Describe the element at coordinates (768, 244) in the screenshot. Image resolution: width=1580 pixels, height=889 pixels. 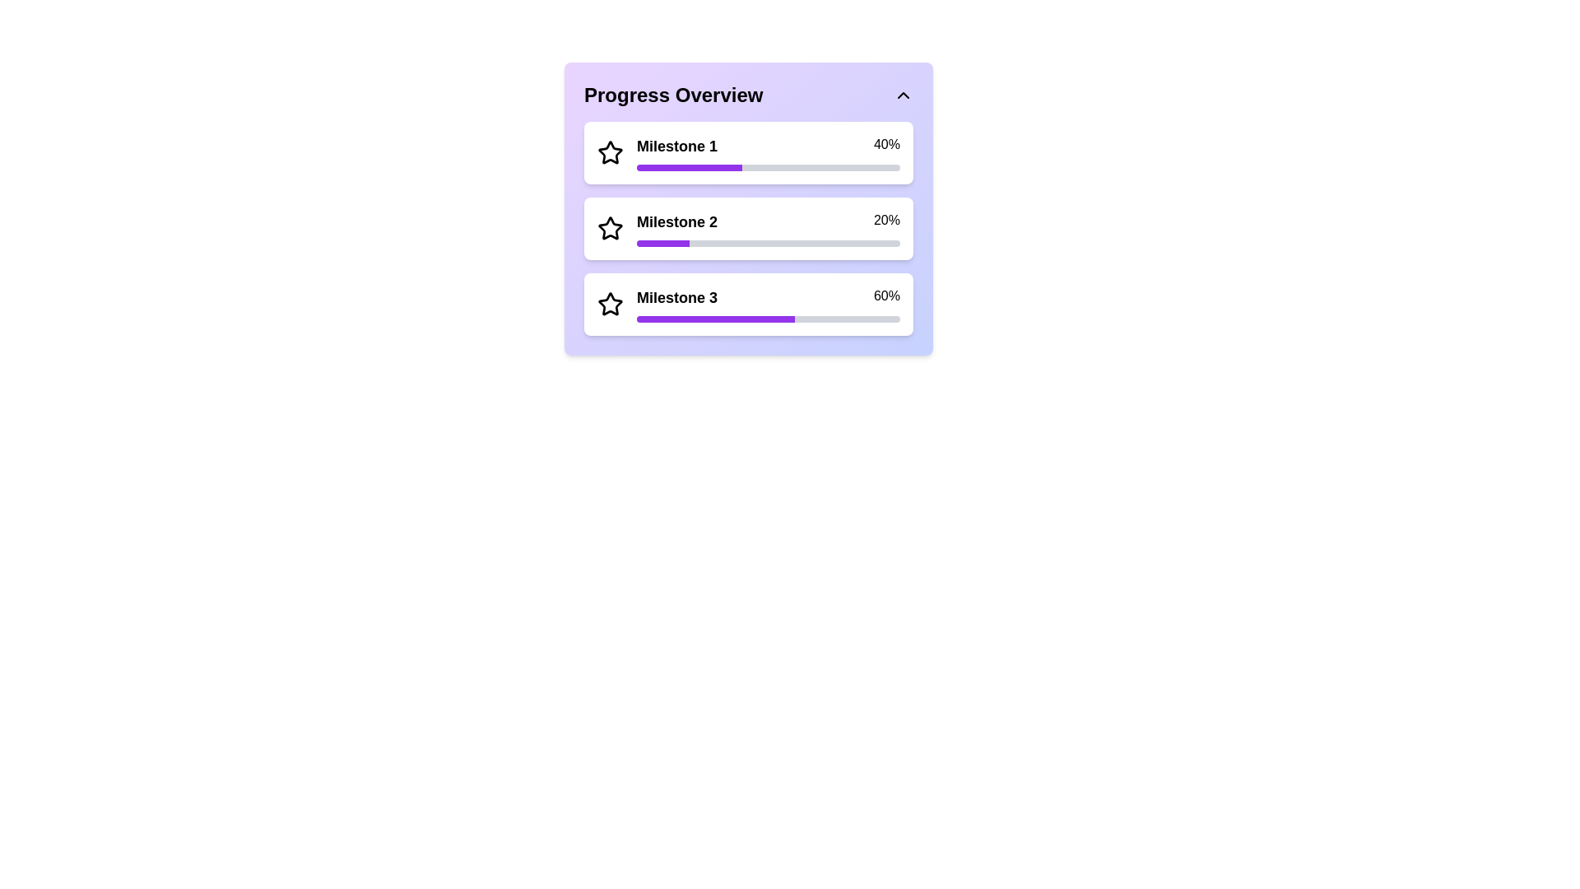
I see `the Progress bar that indicates 20% completion, located under 'Milestone 2' in the middle card of the progress overview` at that location.